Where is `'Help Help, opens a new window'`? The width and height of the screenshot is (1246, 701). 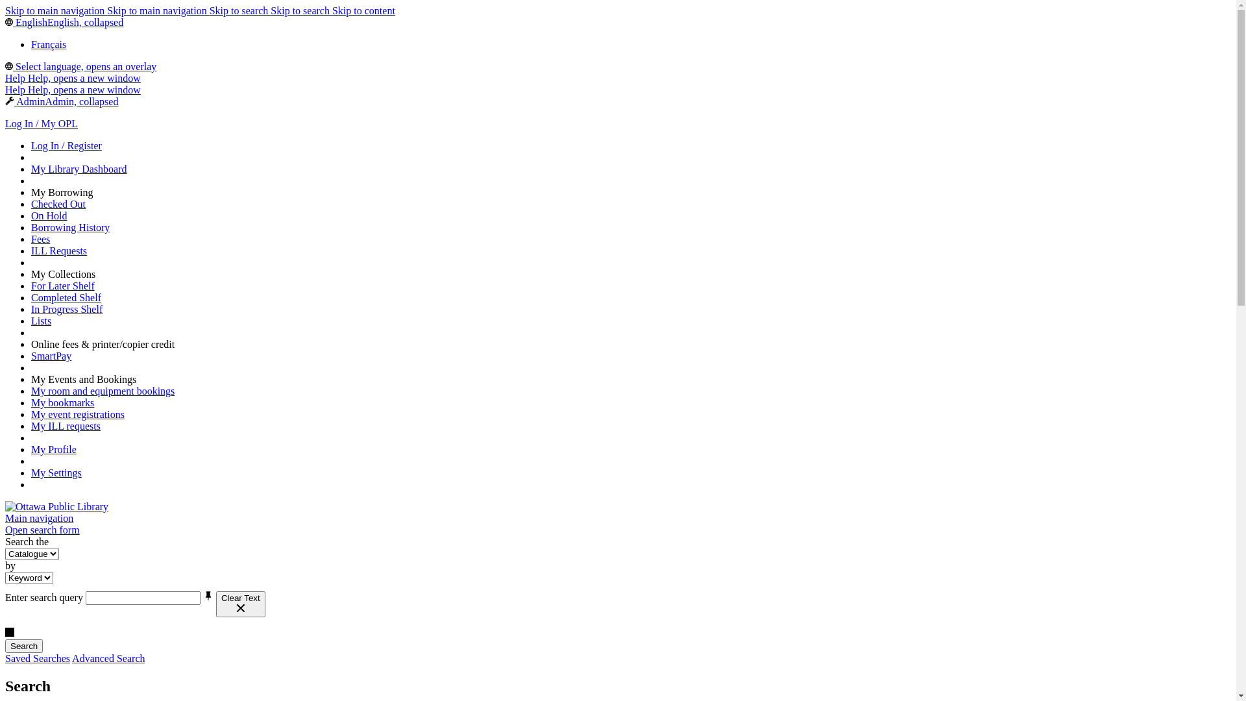
'Help Help, opens a new window' is located at coordinates (72, 78).